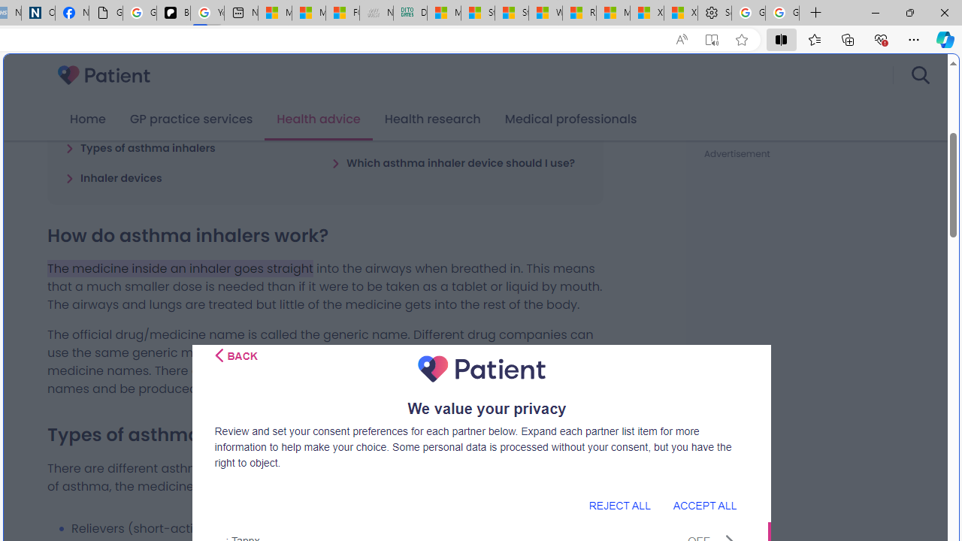 Image resolution: width=962 pixels, height=541 pixels. What do you see at coordinates (104, 13) in the screenshot?
I see `'Google Analytics Opt-out Browser Add-on Download Page'` at bounding box center [104, 13].